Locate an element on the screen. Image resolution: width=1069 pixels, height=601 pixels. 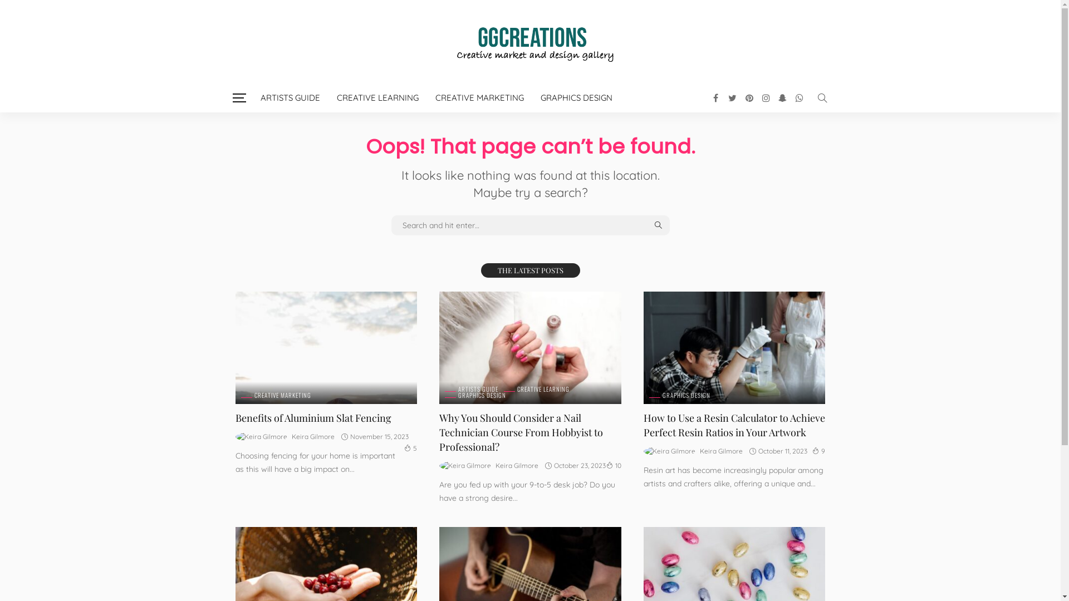
'ARTISTS GUIDE' is located at coordinates (251, 97).